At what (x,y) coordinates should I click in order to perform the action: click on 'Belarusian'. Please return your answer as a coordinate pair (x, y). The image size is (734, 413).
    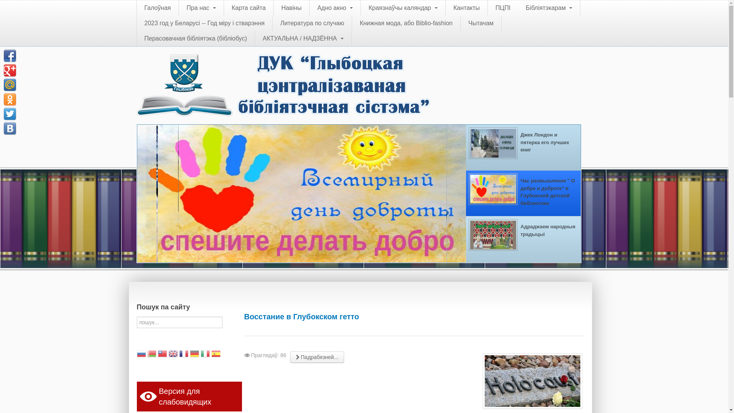
    Looking at the image, I should click on (147, 354).